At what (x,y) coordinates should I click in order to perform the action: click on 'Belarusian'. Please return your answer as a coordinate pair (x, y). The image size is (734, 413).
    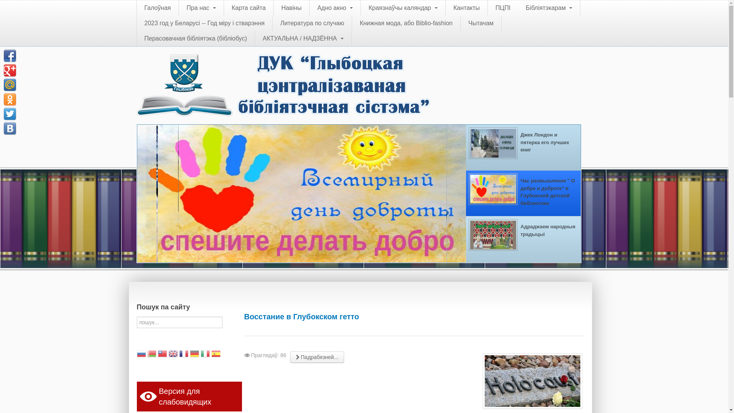
    Looking at the image, I should click on (147, 354).